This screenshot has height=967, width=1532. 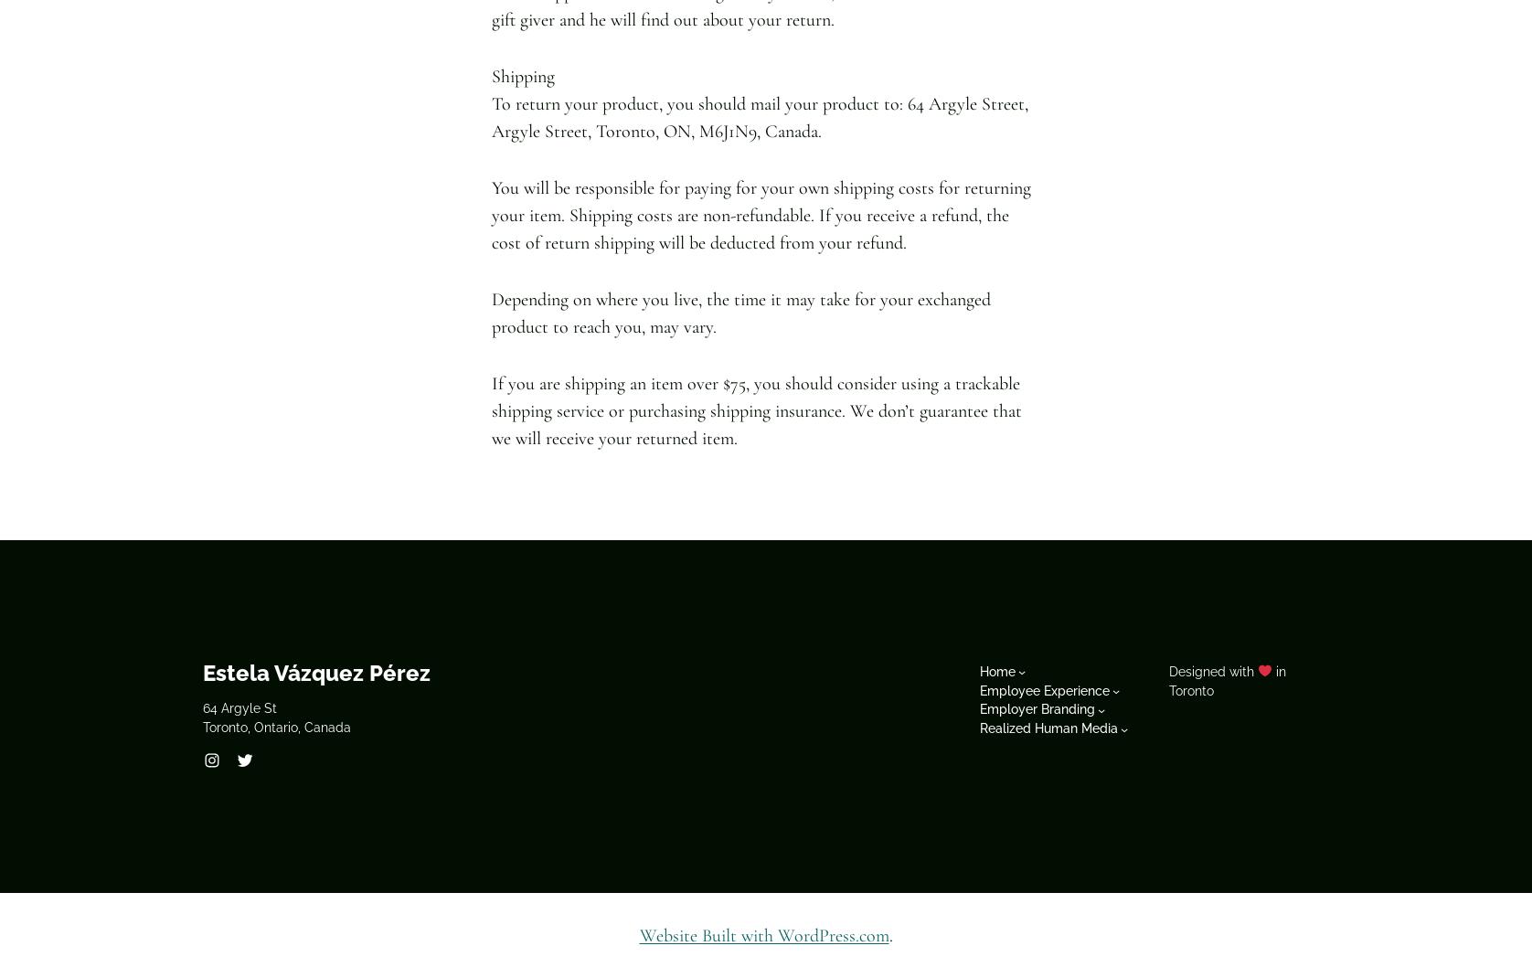 I want to click on 'Toronto, Ontario,  Canada', so click(x=276, y=726).